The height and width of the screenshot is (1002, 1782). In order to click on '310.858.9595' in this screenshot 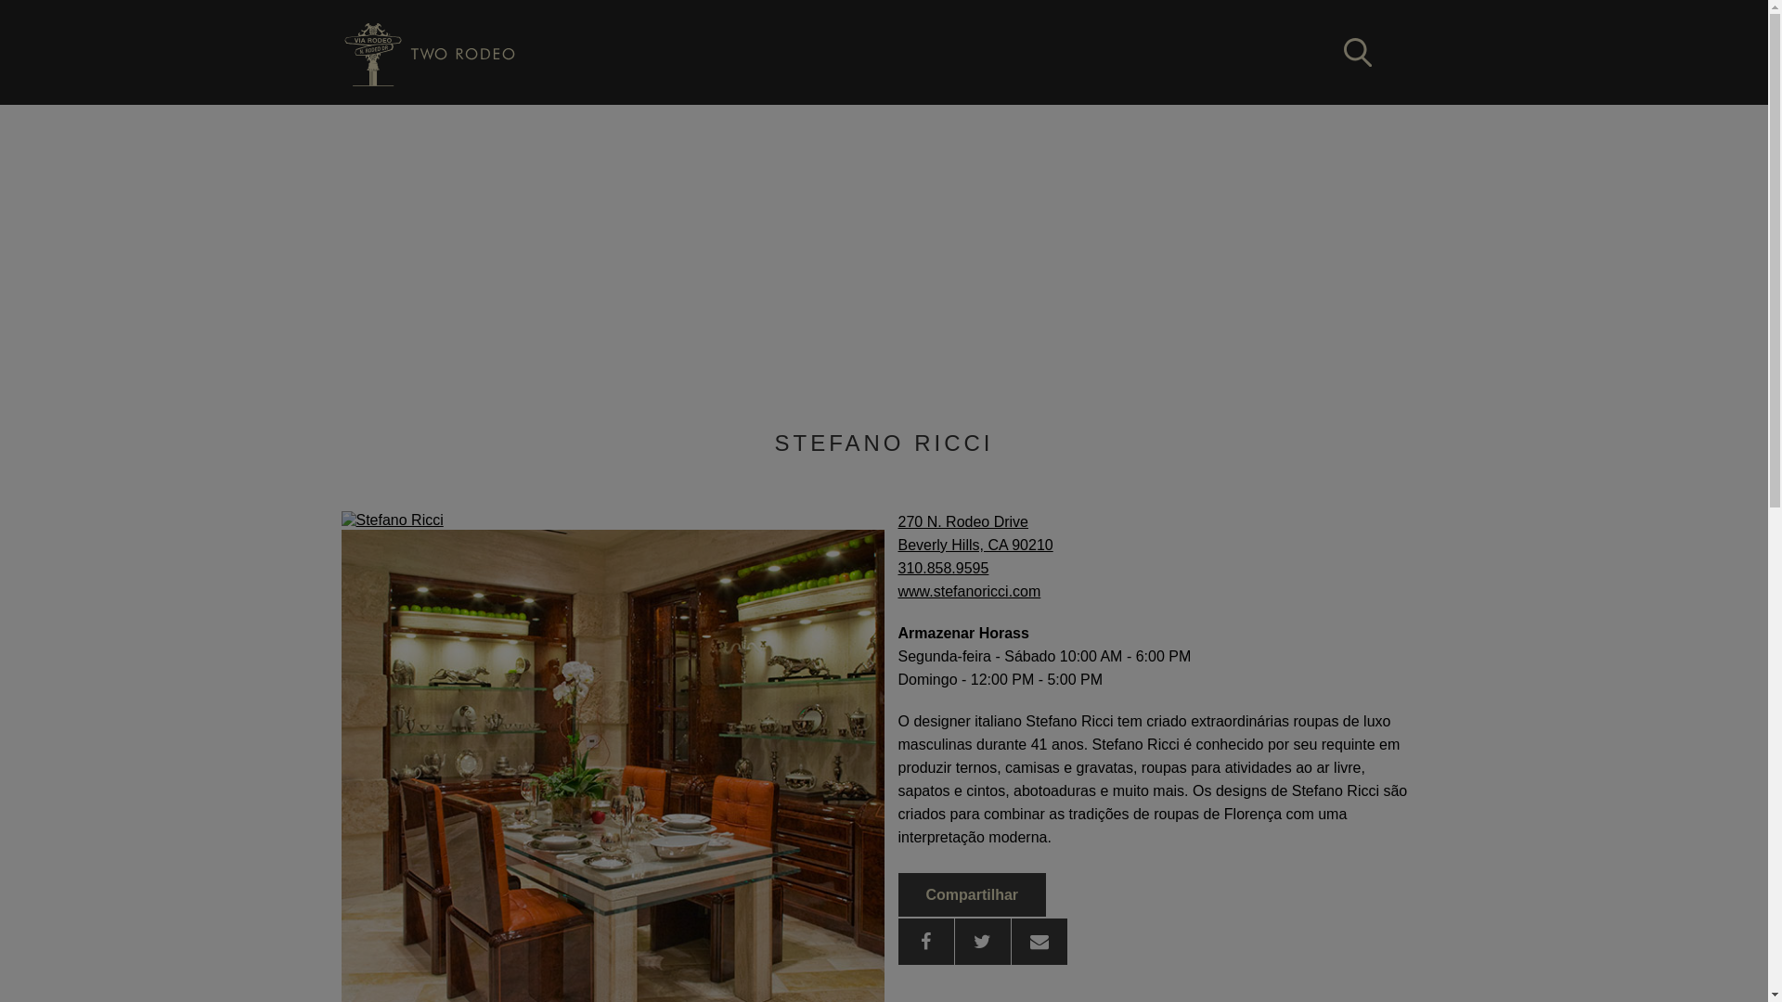, I will do `click(944, 567)`.